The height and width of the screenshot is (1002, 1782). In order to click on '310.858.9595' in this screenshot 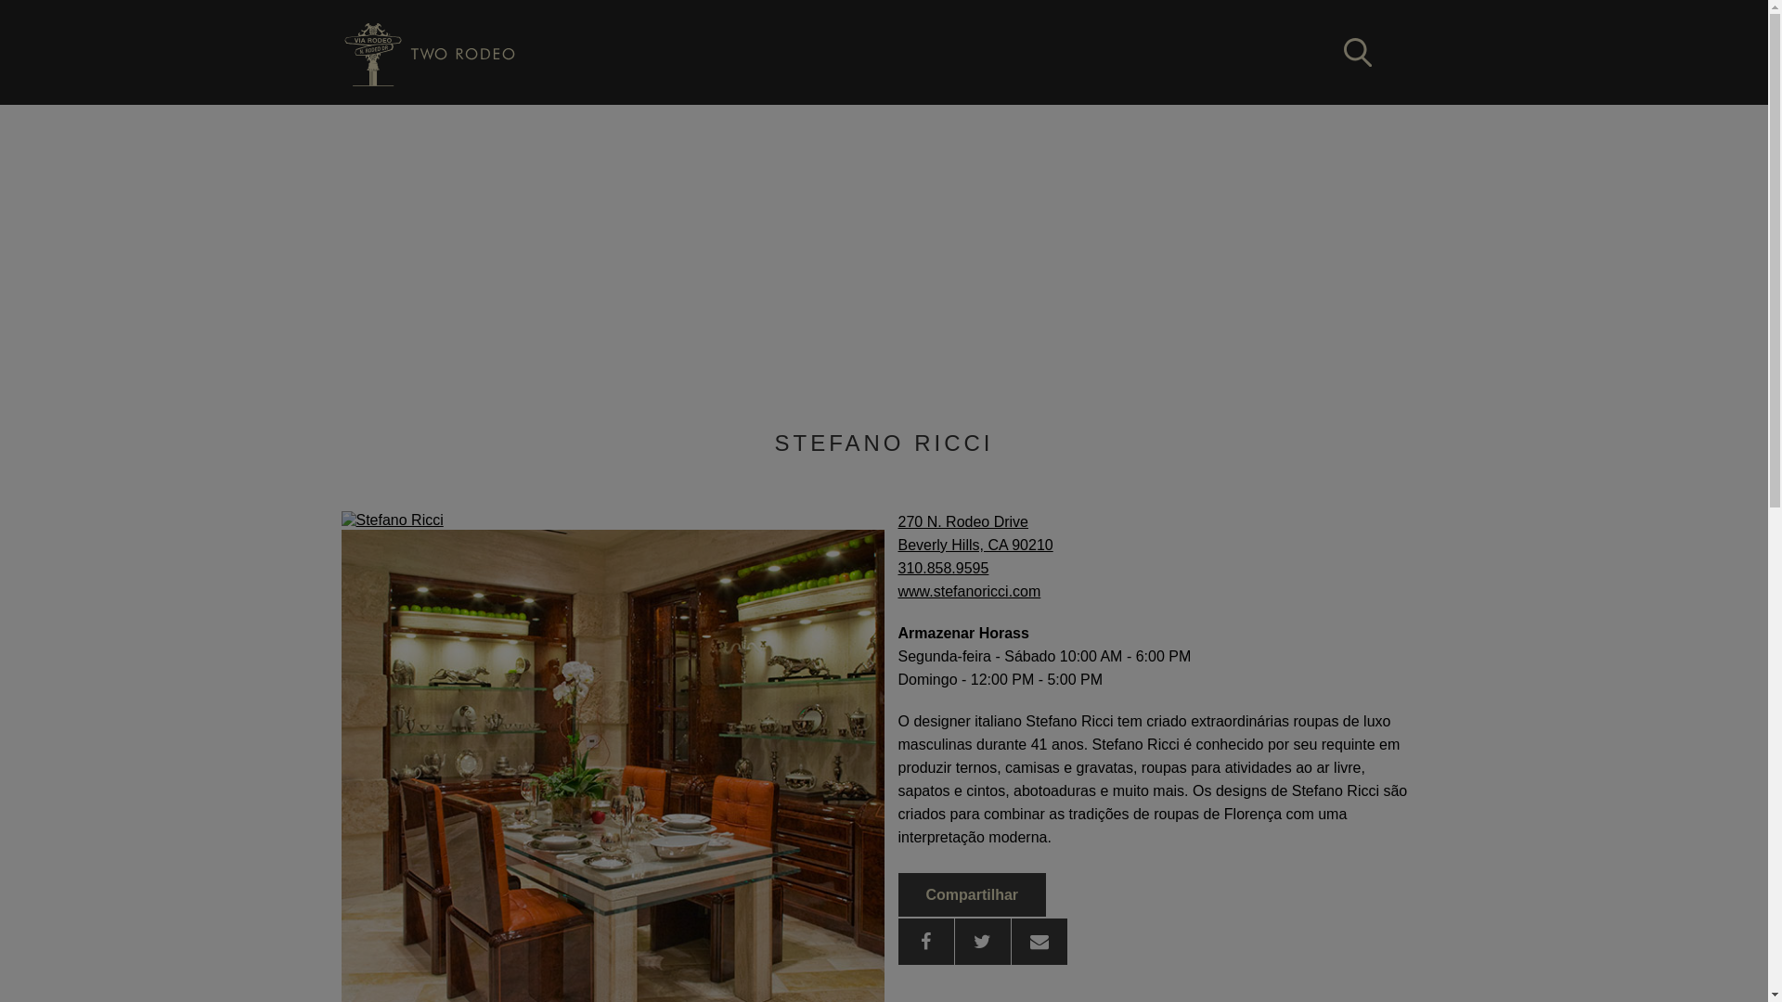, I will do `click(944, 567)`.